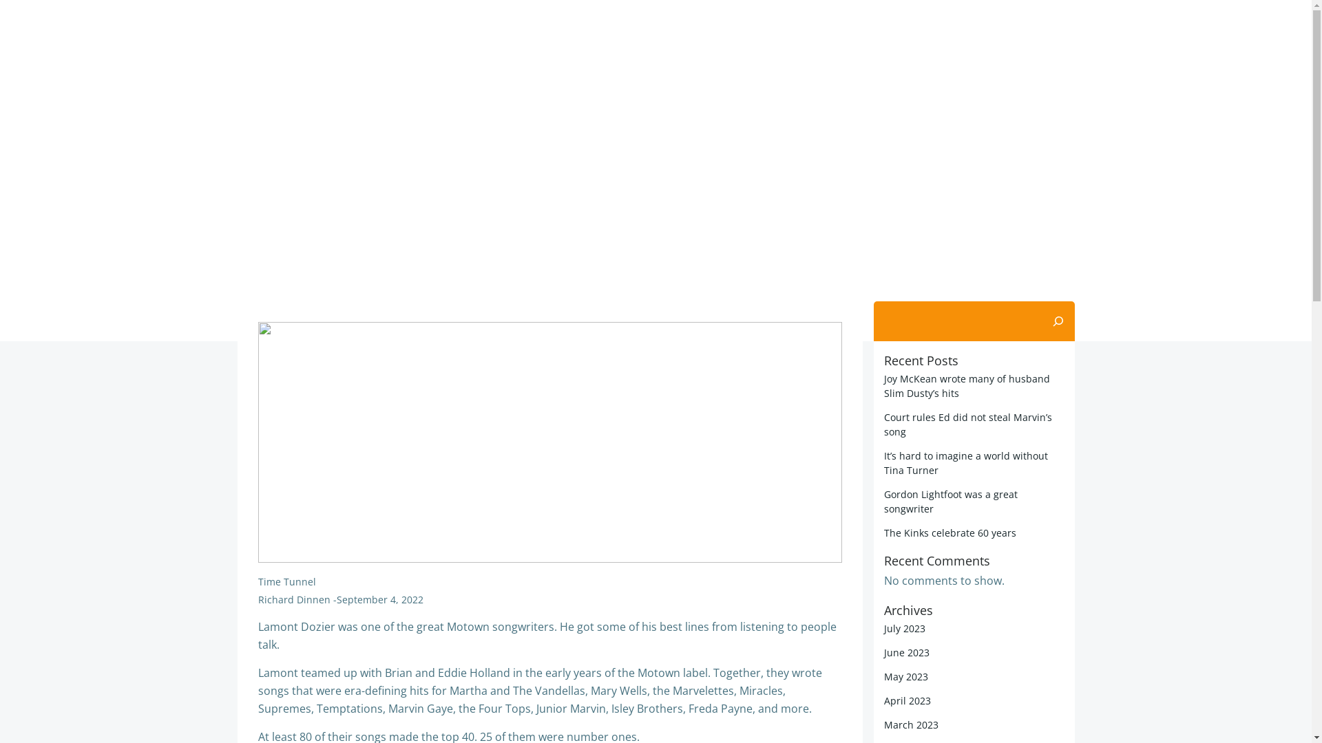  What do you see at coordinates (883, 700) in the screenshot?
I see `'April 2023'` at bounding box center [883, 700].